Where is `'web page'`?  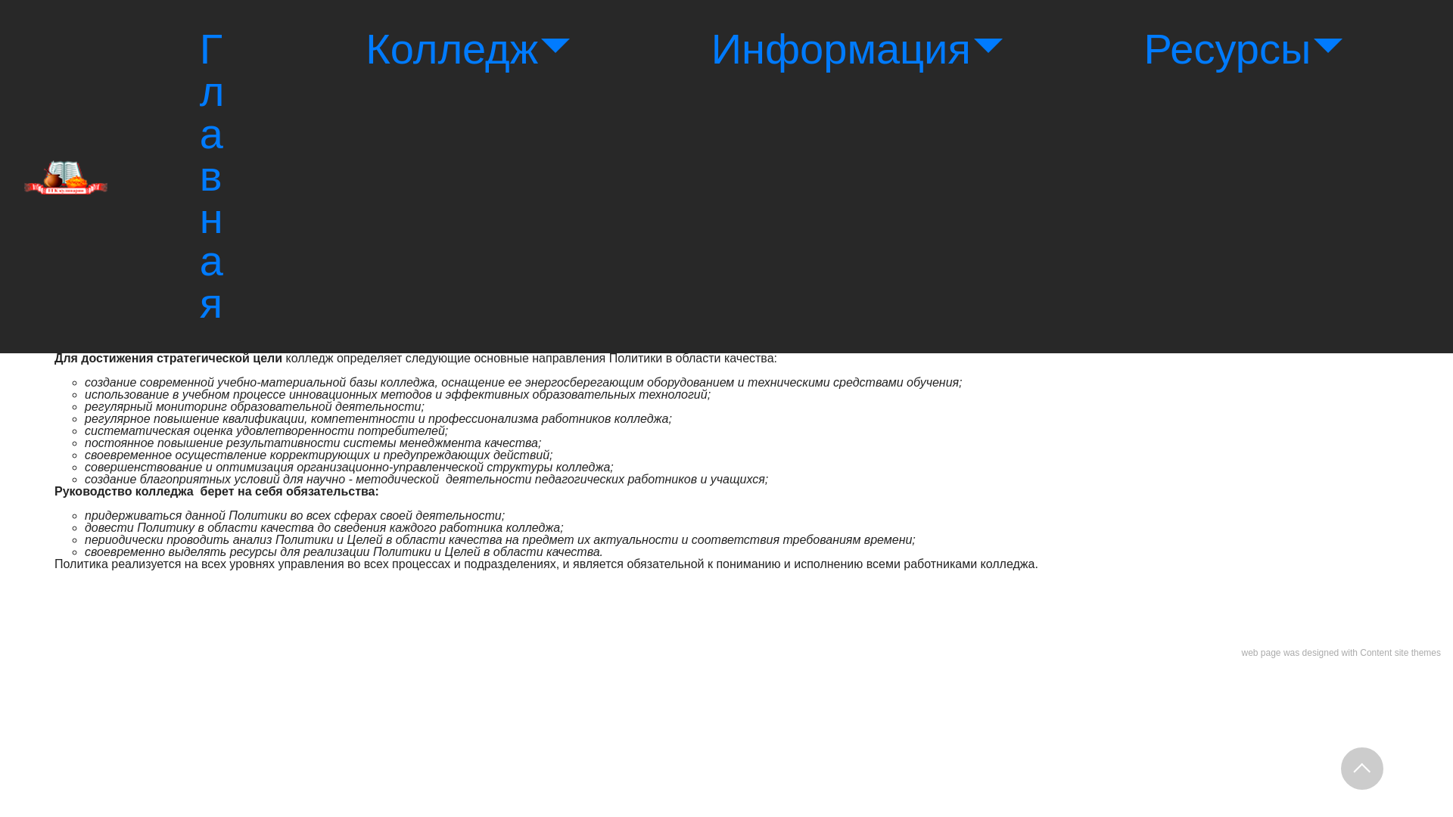
'web page' is located at coordinates (1260, 652).